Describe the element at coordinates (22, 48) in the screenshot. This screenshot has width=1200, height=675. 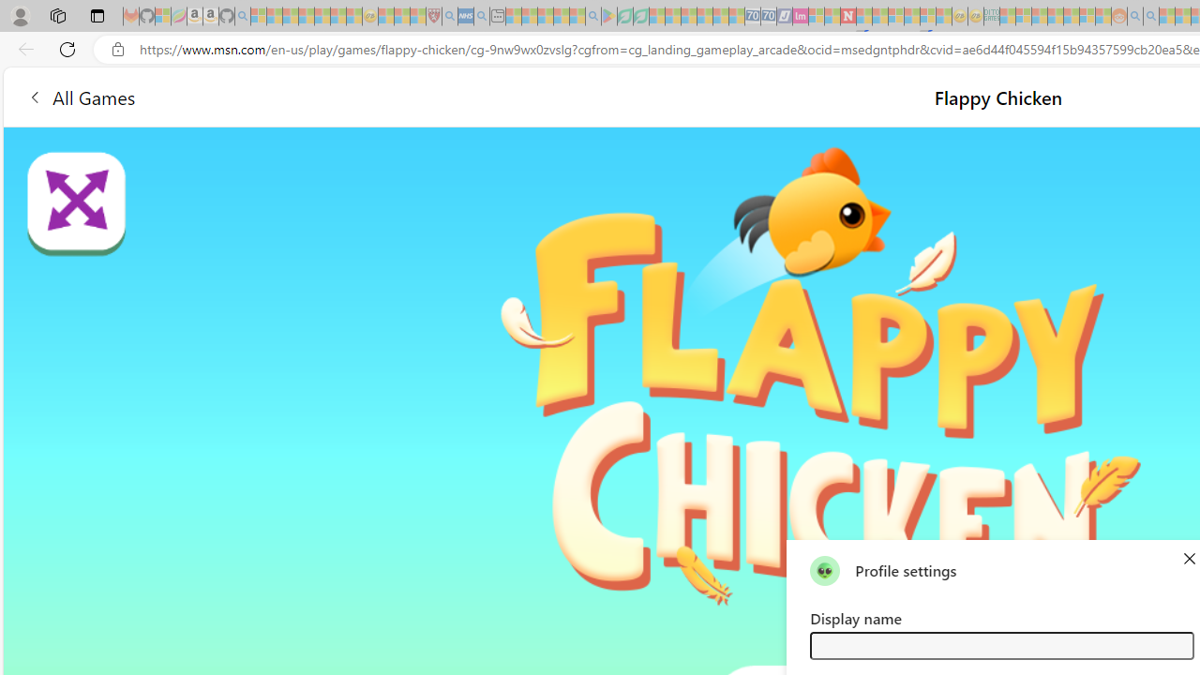
I see `'Back'` at that location.